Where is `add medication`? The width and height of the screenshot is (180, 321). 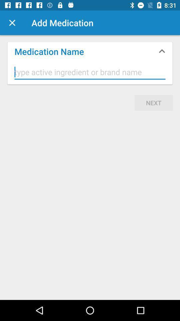 add medication is located at coordinates (12, 23).